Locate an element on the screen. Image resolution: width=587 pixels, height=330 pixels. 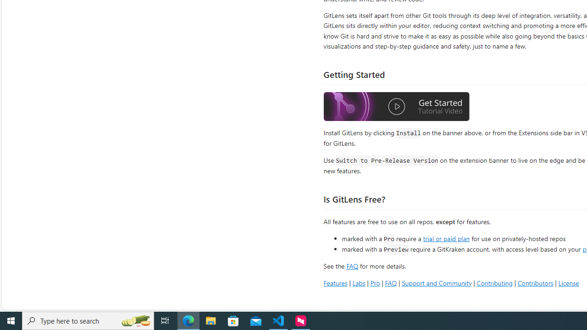
'Watch the GitLens Getting Started video' is located at coordinates (397, 107).